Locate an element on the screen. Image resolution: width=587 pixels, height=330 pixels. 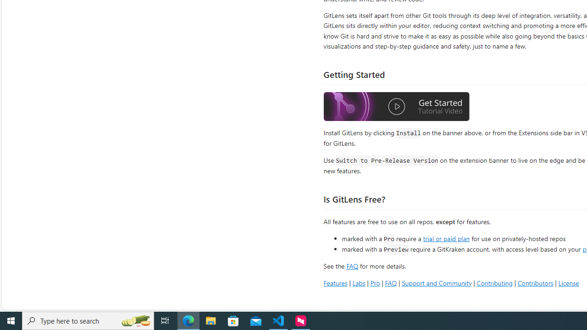
'Watch the GitLens Getting Started video' is located at coordinates (397, 107).